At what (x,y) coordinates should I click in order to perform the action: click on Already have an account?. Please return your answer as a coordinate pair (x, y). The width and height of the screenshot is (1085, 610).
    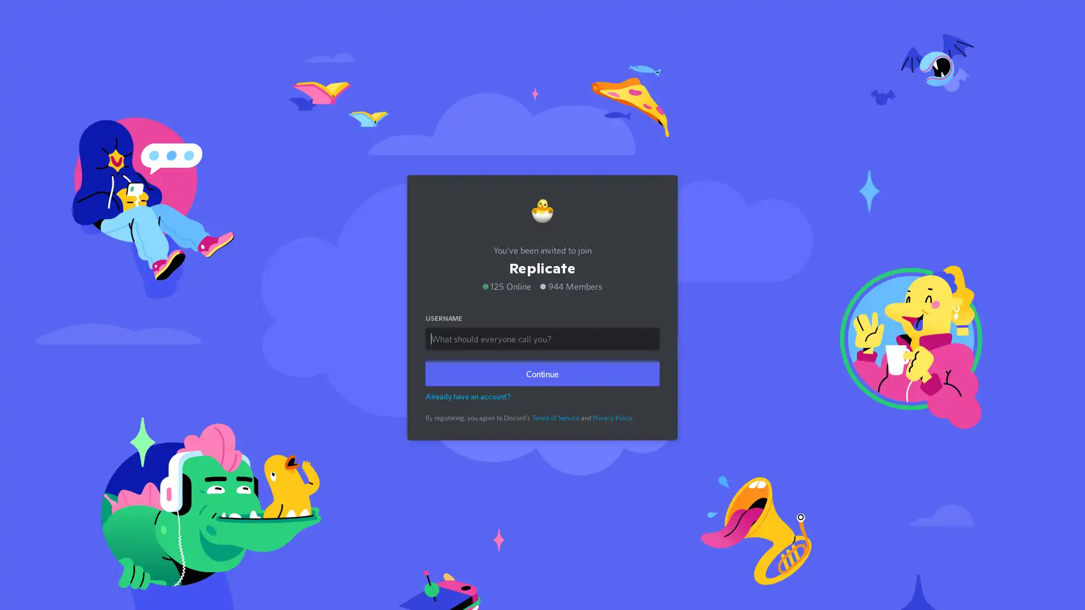
    Looking at the image, I should click on (468, 393).